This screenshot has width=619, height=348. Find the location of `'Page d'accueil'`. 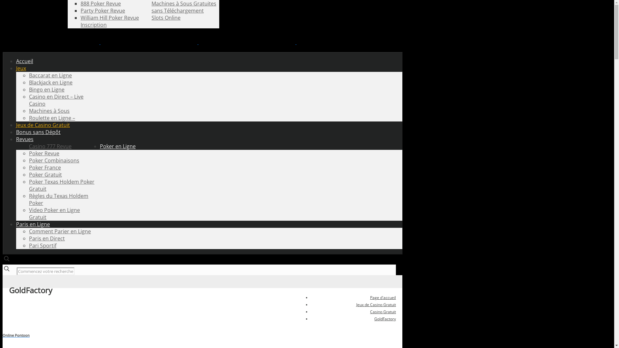

'Page d'accueil' is located at coordinates (383, 297).